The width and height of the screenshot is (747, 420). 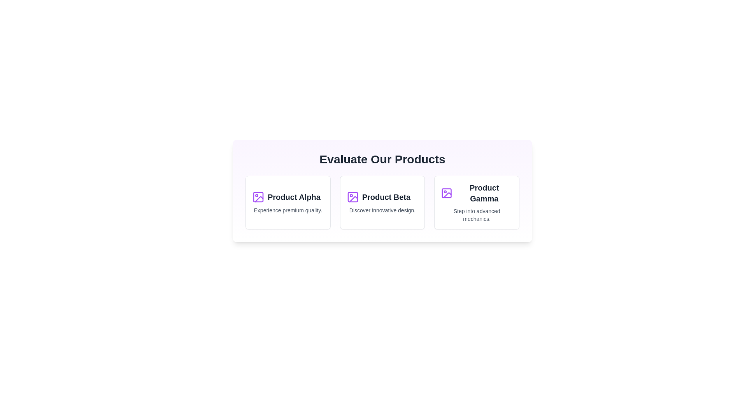 What do you see at coordinates (386, 196) in the screenshot?
I see `the 'Product Beta' text label, which serves as the title of the product, located in the second product card of a horizontal sequence` at bounding box center [386, 196].